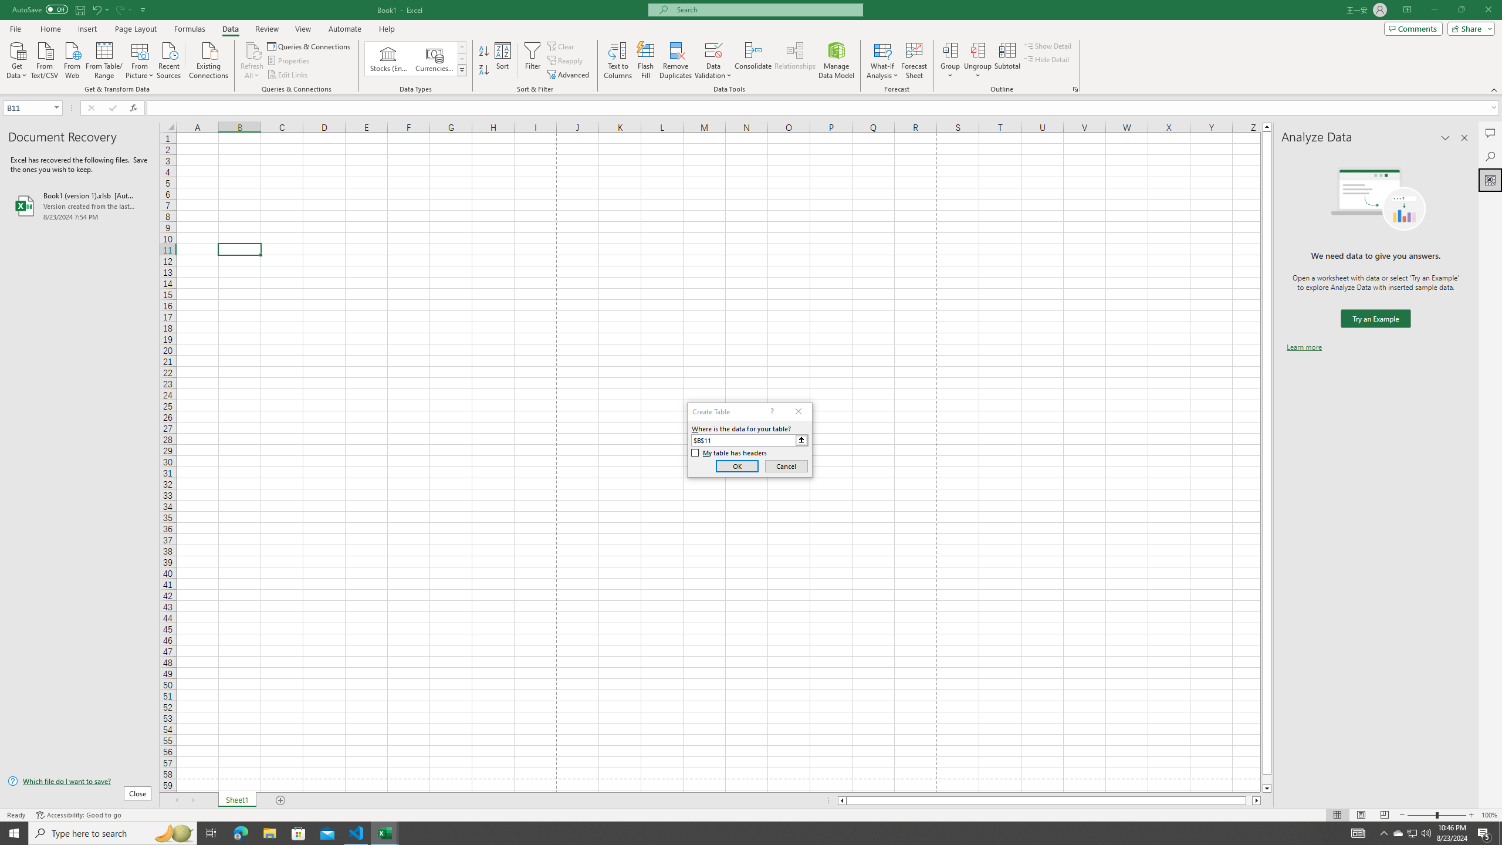  What do you see at coordinates (1047, 58) in the screenshot?
I see `'Hide Detail'` at bounding box center [1047, 58].